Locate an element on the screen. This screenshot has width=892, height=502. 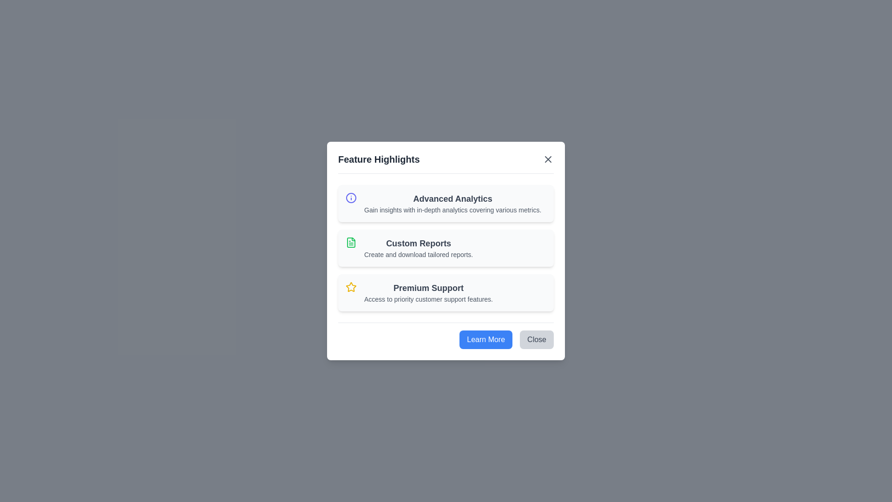
the document icon representing 'Custom Reports' in the Feature Highlights section, which is located in the second row to the left of the title 'Custom Reports' is located at coordinates (350, 242).